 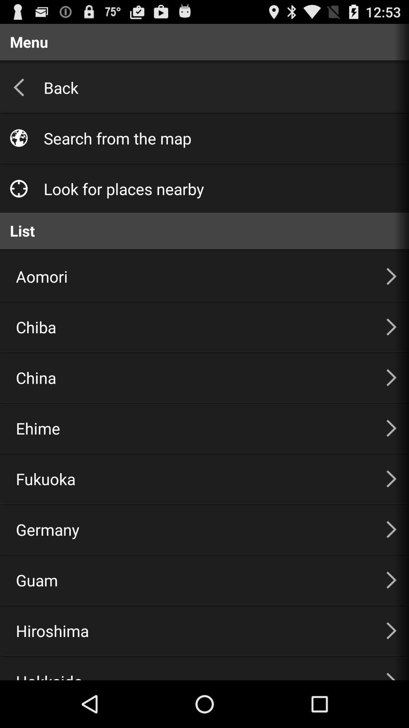 What do you see at coordinates (19, 87) in the screenshot?
I see `arrow which is left to the back` at bounding box center [19, 87].